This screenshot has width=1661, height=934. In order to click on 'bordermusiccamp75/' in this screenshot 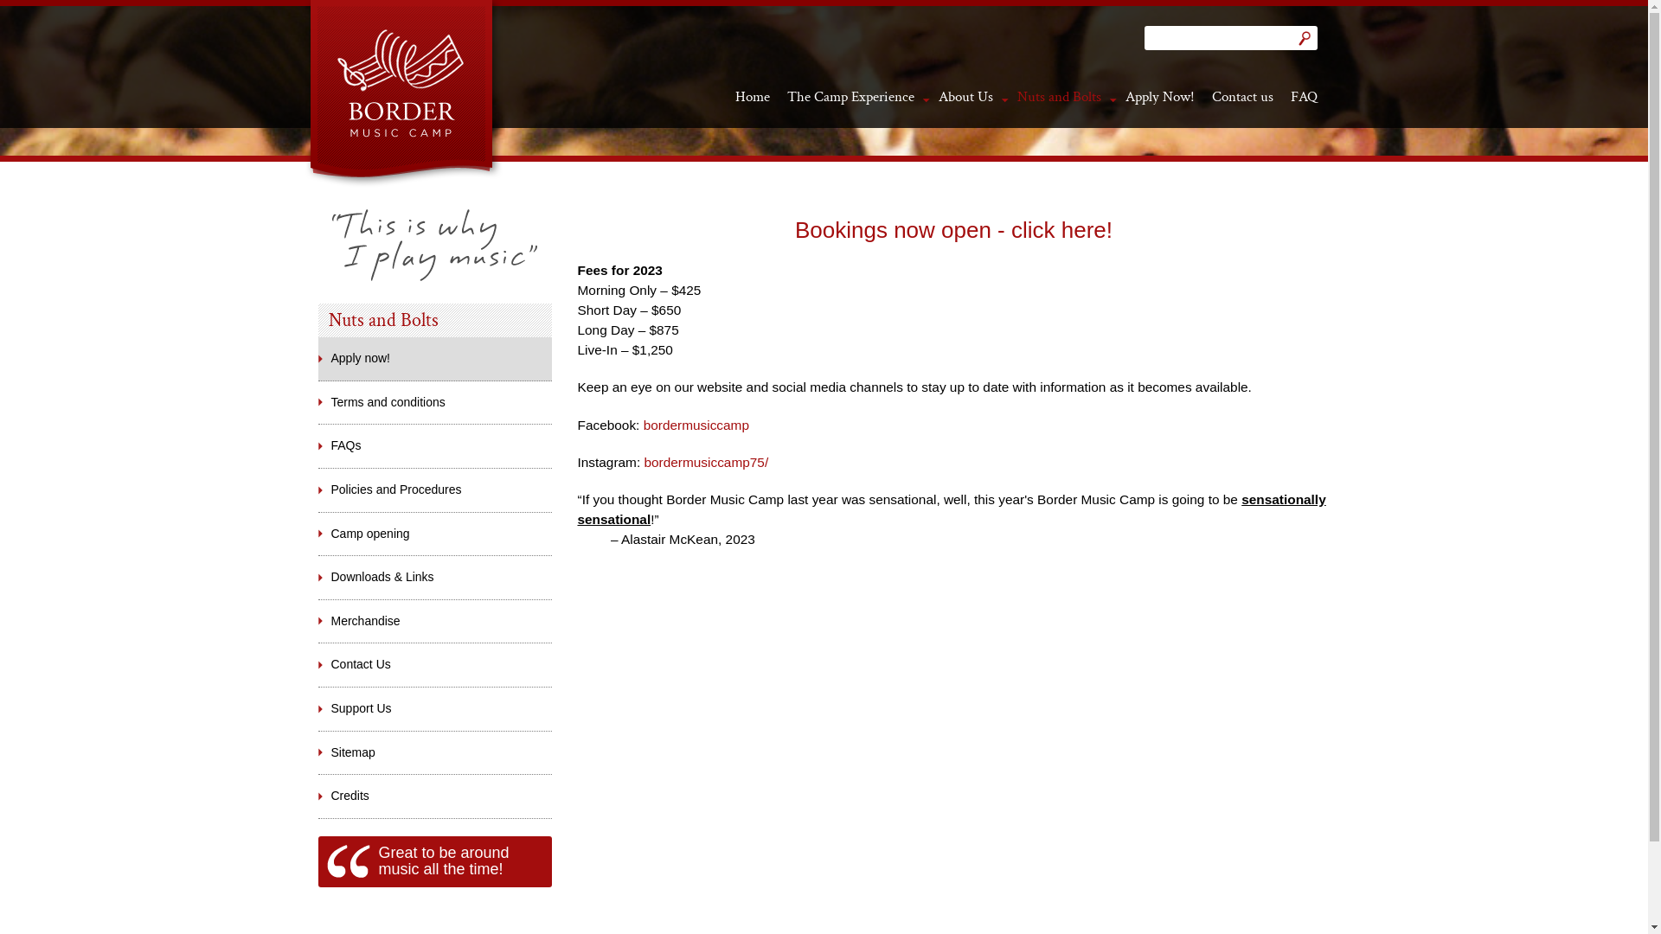, I will do `click(706, 461)`.